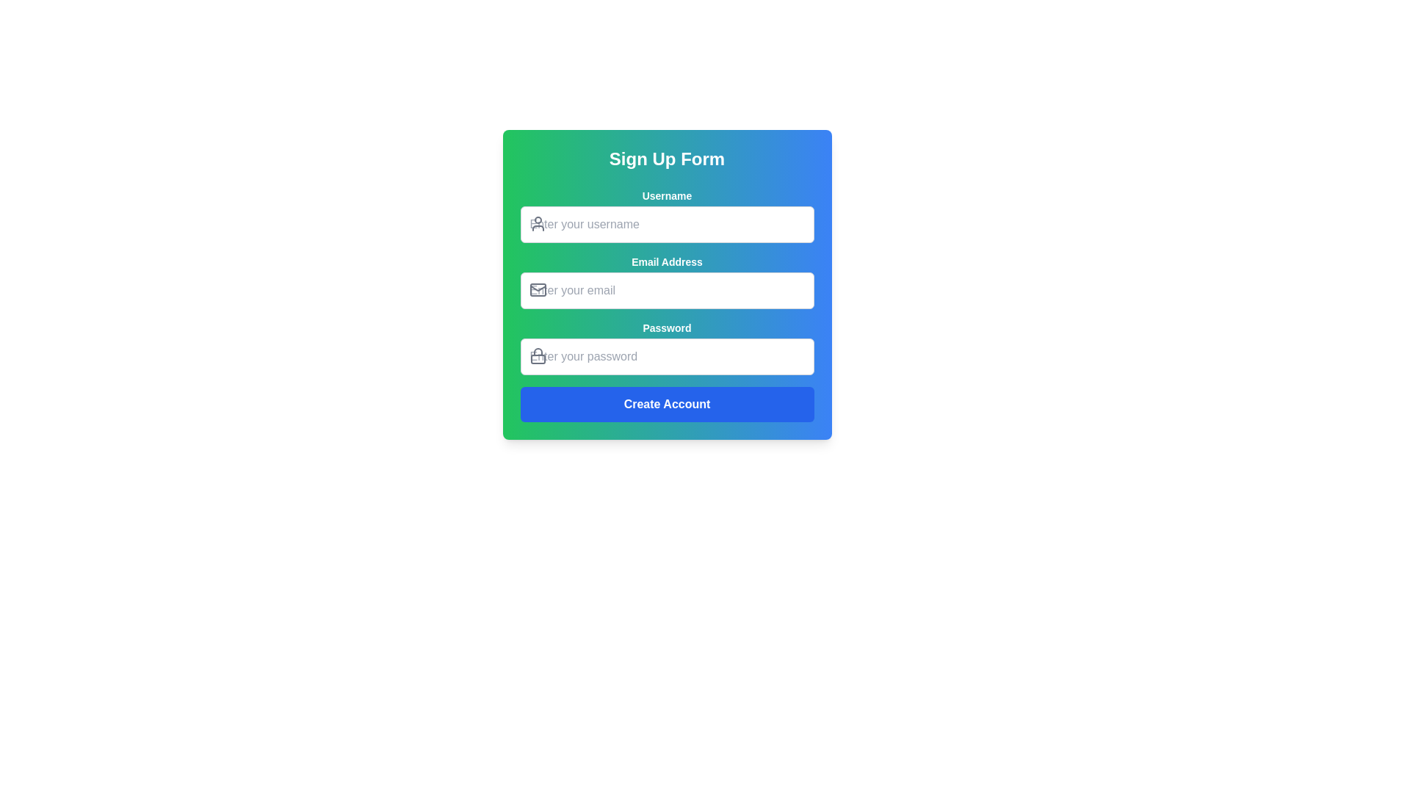 The image size is (1410, 793). I want to click on the main rectangular component of the envelope icon, which is styled in grayscale and located to the left of the 'Email Address' input field in the registration form, so click(537, 289).